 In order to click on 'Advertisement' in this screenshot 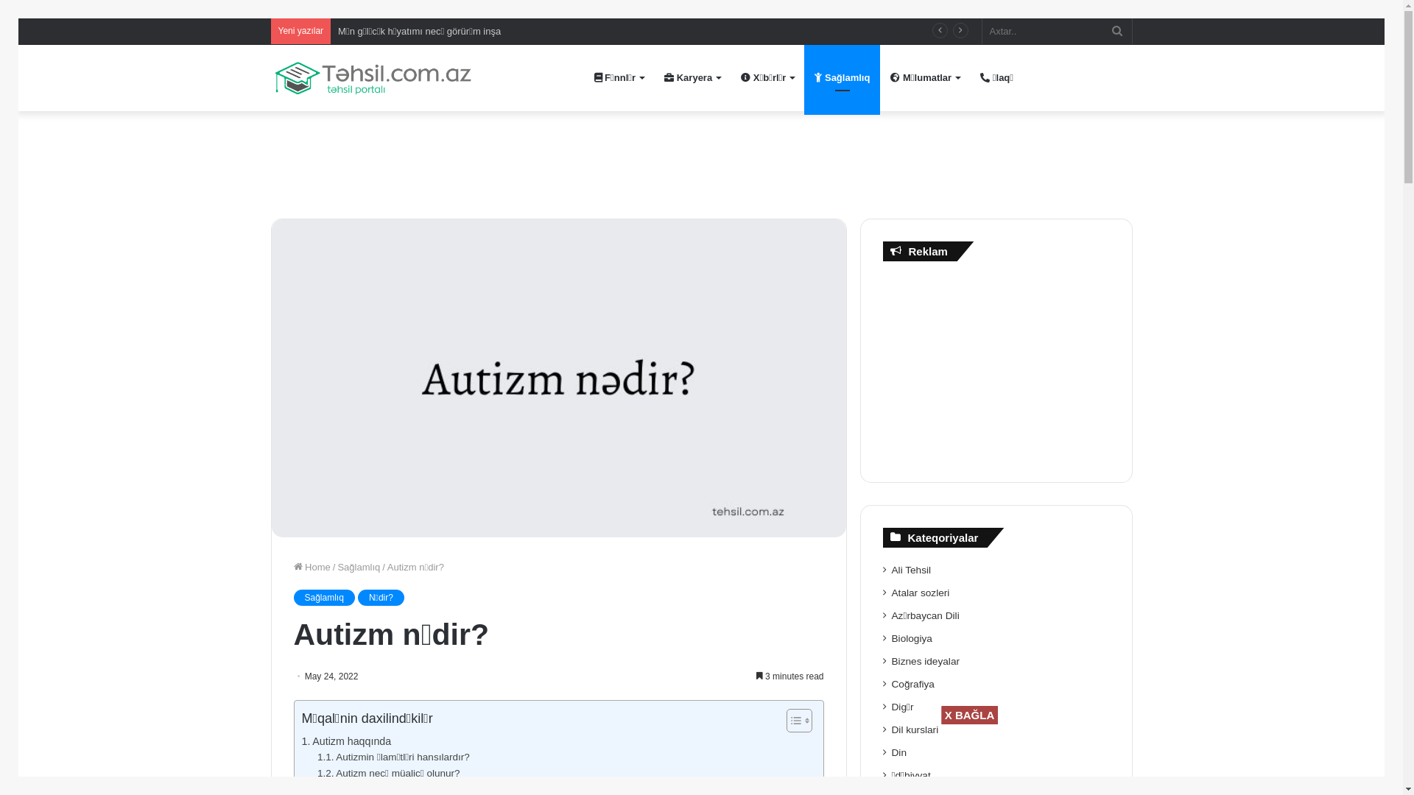, I will do `click(996, 367)`.